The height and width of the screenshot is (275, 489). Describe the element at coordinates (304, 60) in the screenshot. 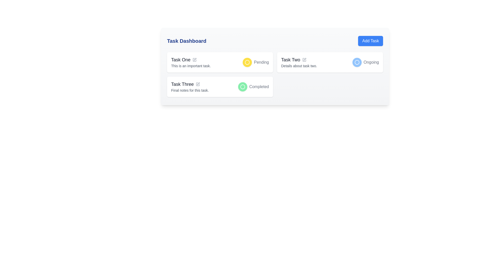

I see `the edit icon located to the right of the 'Task Two' text` at that location.